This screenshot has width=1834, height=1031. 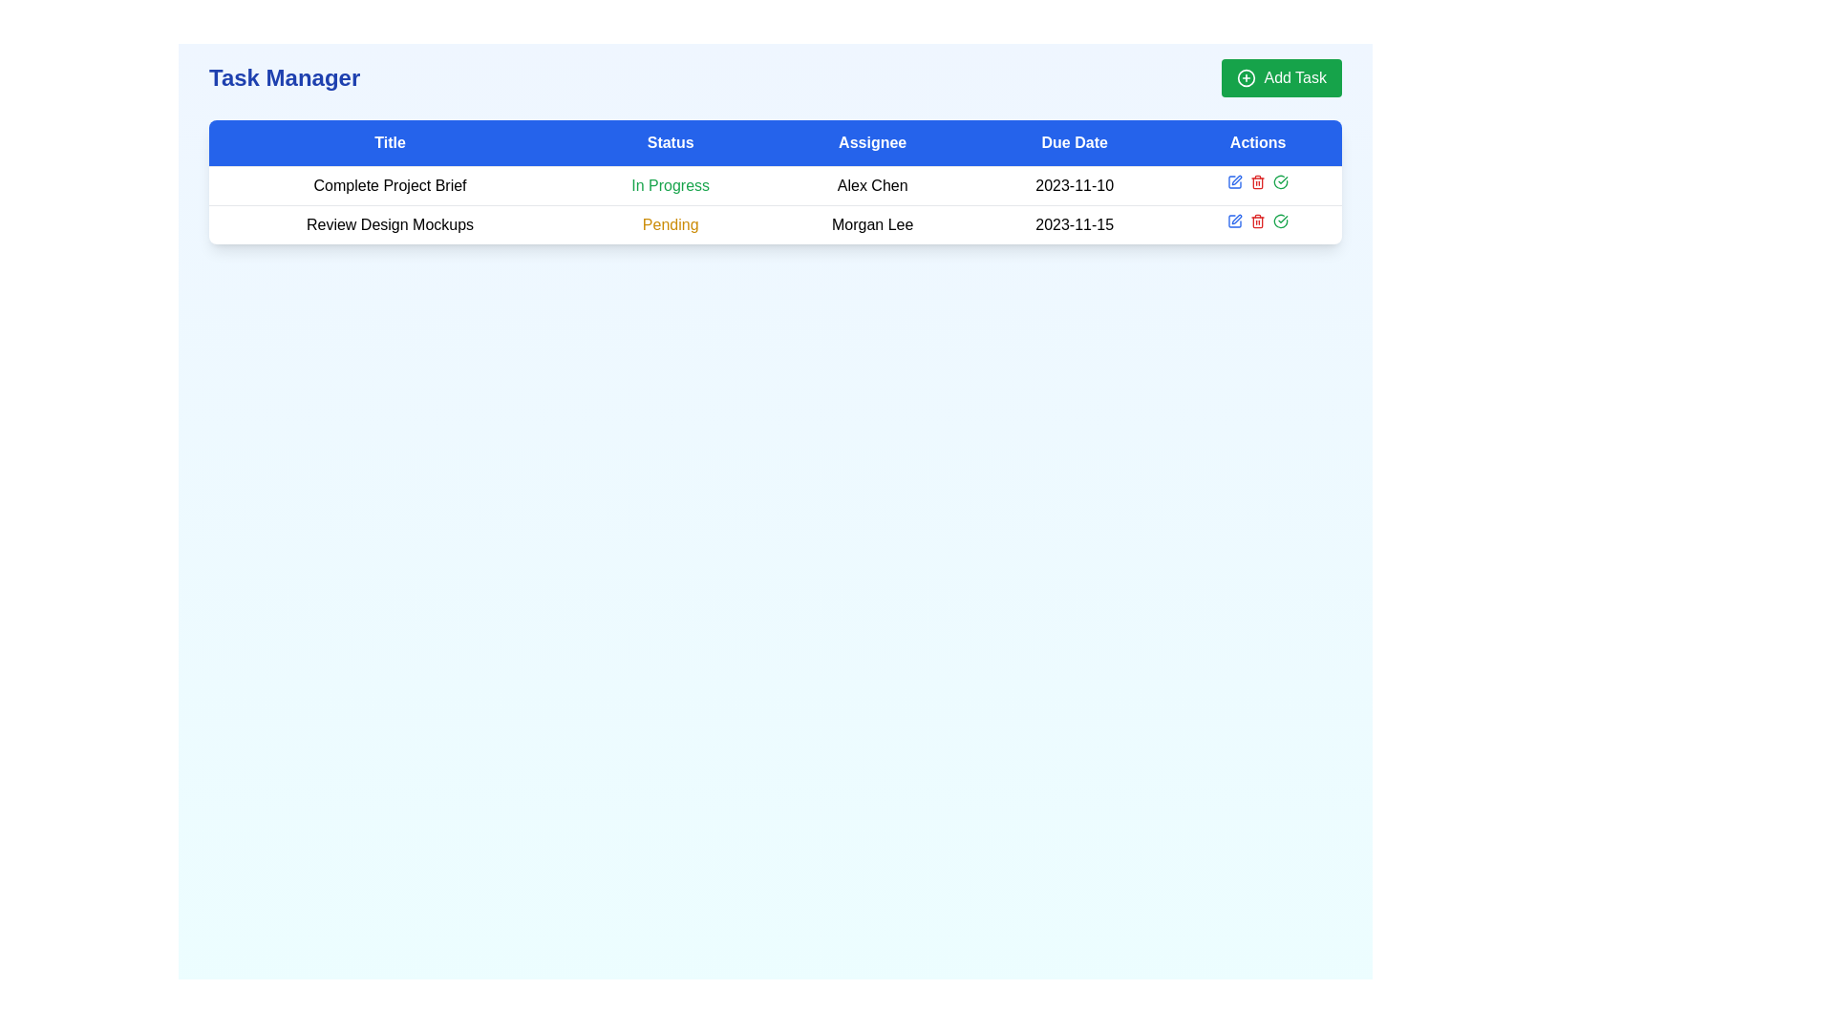 I want to click on the edit button in the 'Actions' column of the task 'Review Design Mockups', so click(x=1235, y=220).